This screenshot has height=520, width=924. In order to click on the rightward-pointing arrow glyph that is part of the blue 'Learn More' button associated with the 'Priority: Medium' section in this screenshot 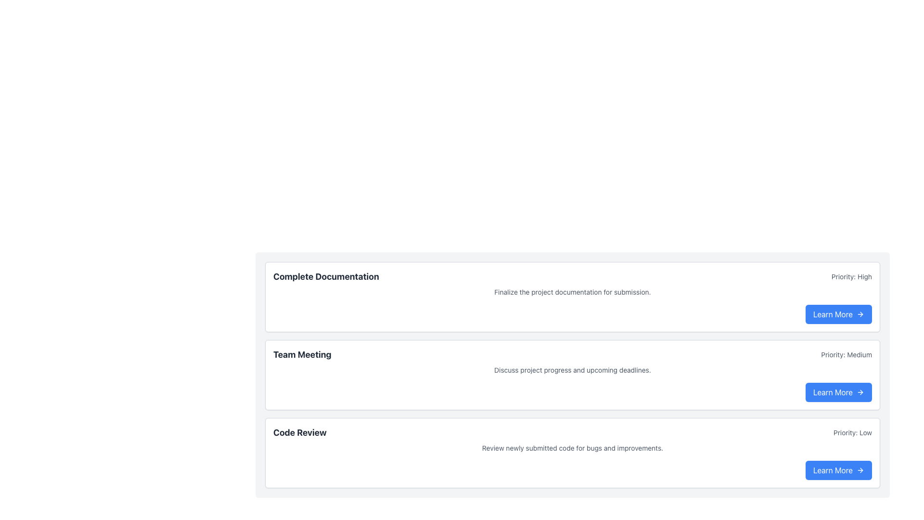, I will do `click(861, 392)`.